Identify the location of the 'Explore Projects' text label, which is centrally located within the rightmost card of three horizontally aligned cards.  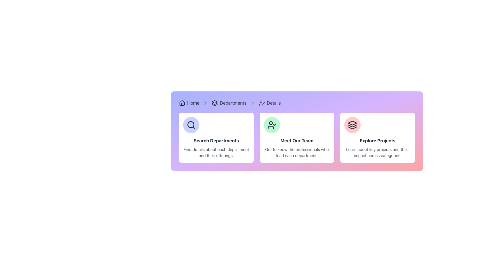
(377, 141).